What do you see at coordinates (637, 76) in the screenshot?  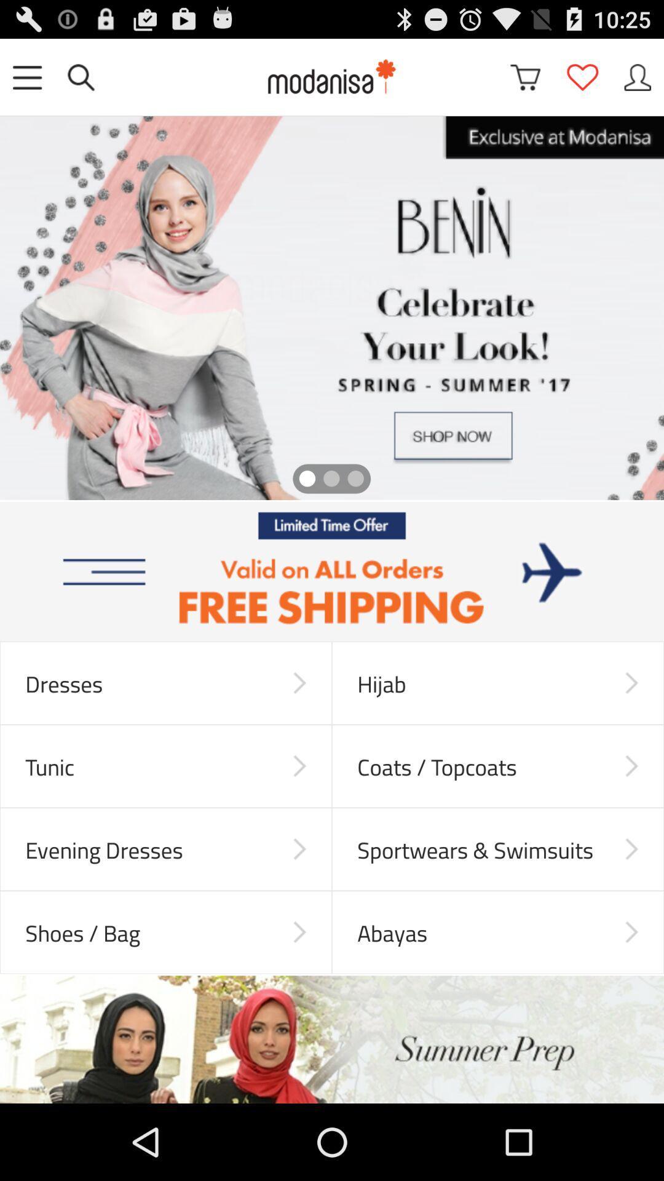 I see `profile info 's` at bounding box center [637, 76].